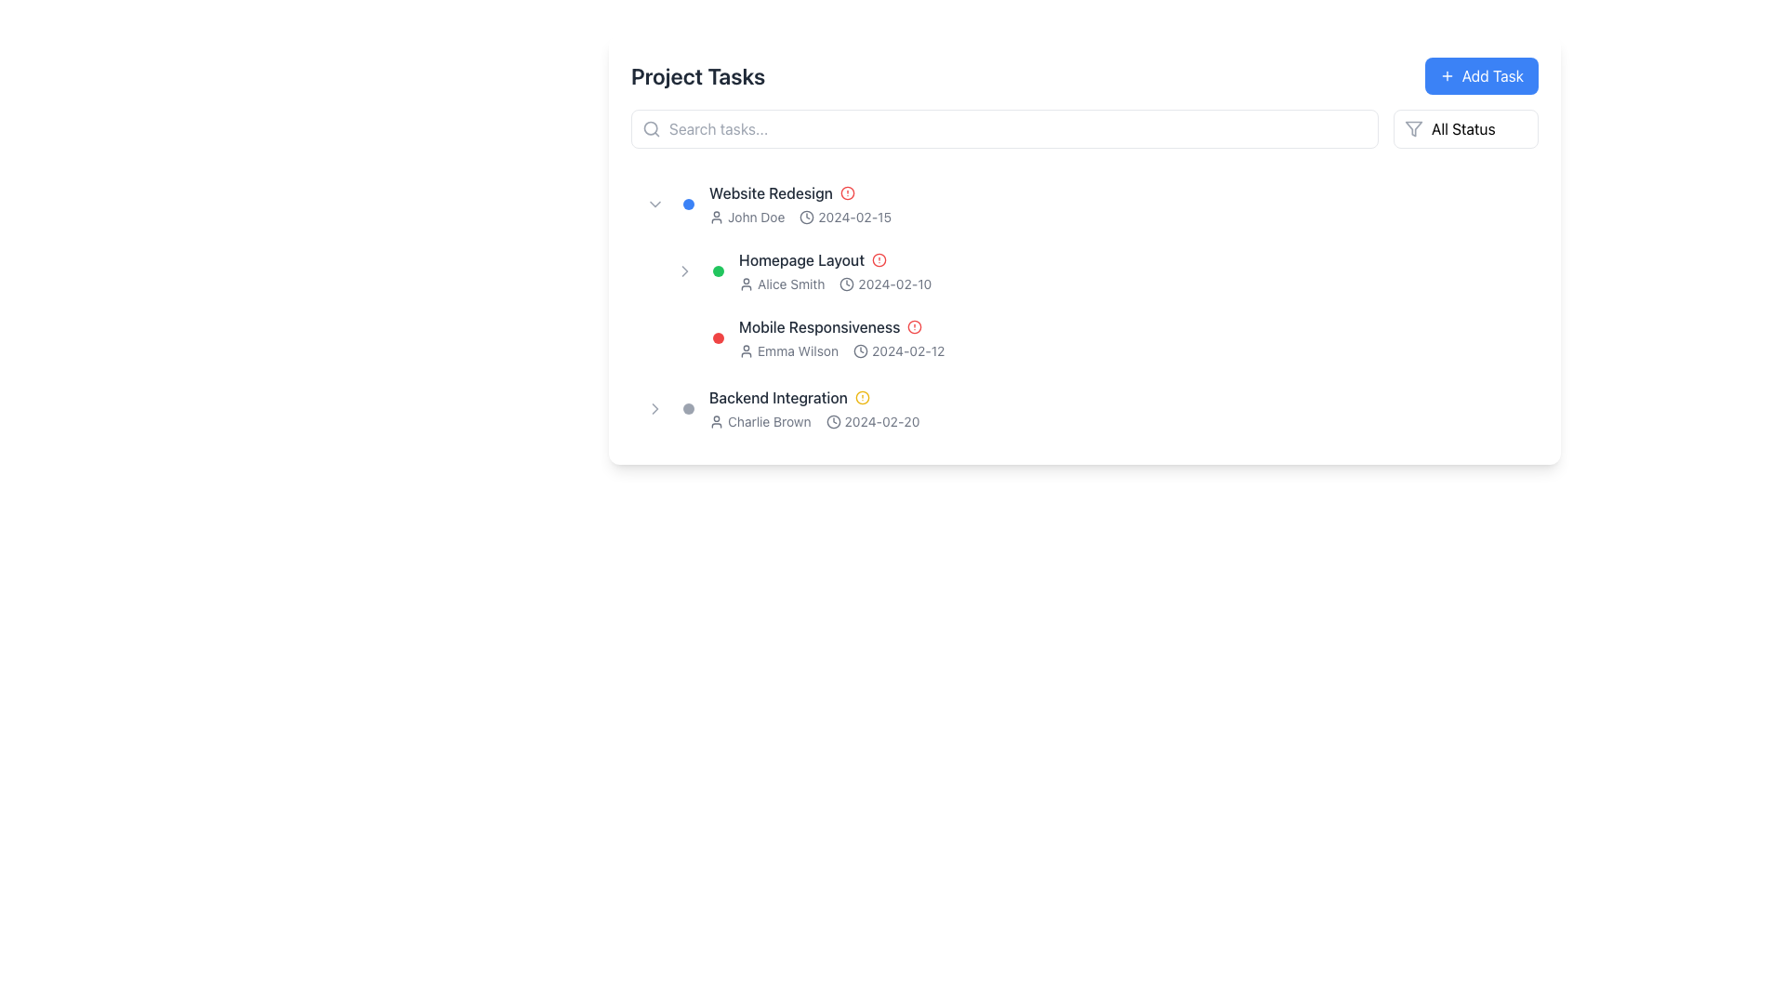 The width and height of the screenshot is (1785, 1004). What do you see at coordinates (684, 271) in the screenshot?
I see `the small rightward-facing chevron icon button styled in gray color, located to the right of the 'Homepage Layout' task in the 'Project Tasks' list` at bounding box center [684, 271].